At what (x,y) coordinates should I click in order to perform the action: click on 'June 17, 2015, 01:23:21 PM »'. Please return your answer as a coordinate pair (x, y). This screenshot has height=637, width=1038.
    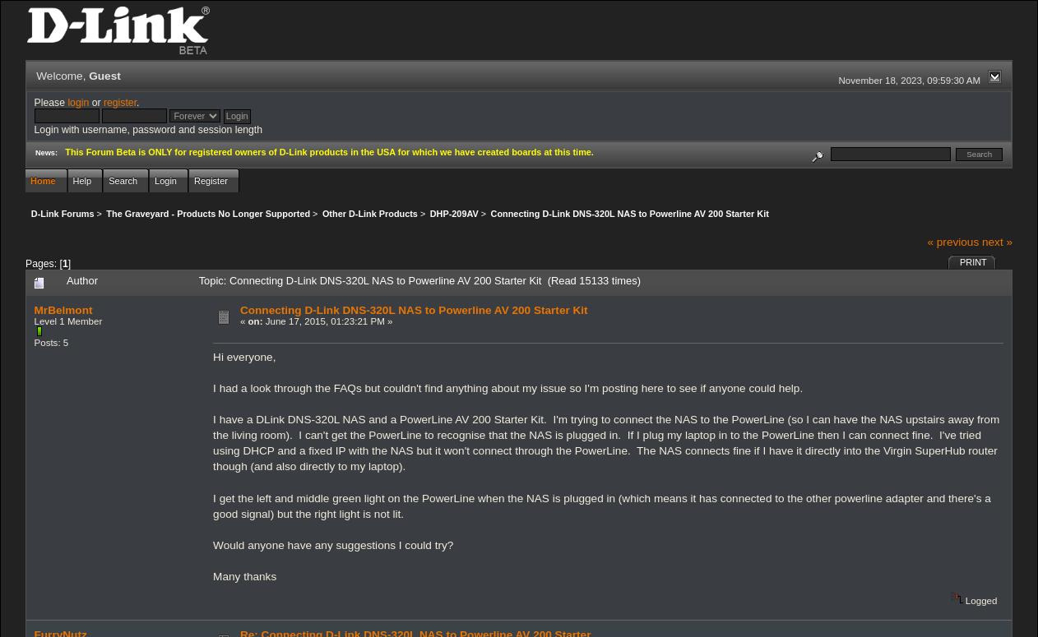
    Looking at the image, I should click on (327, 319).